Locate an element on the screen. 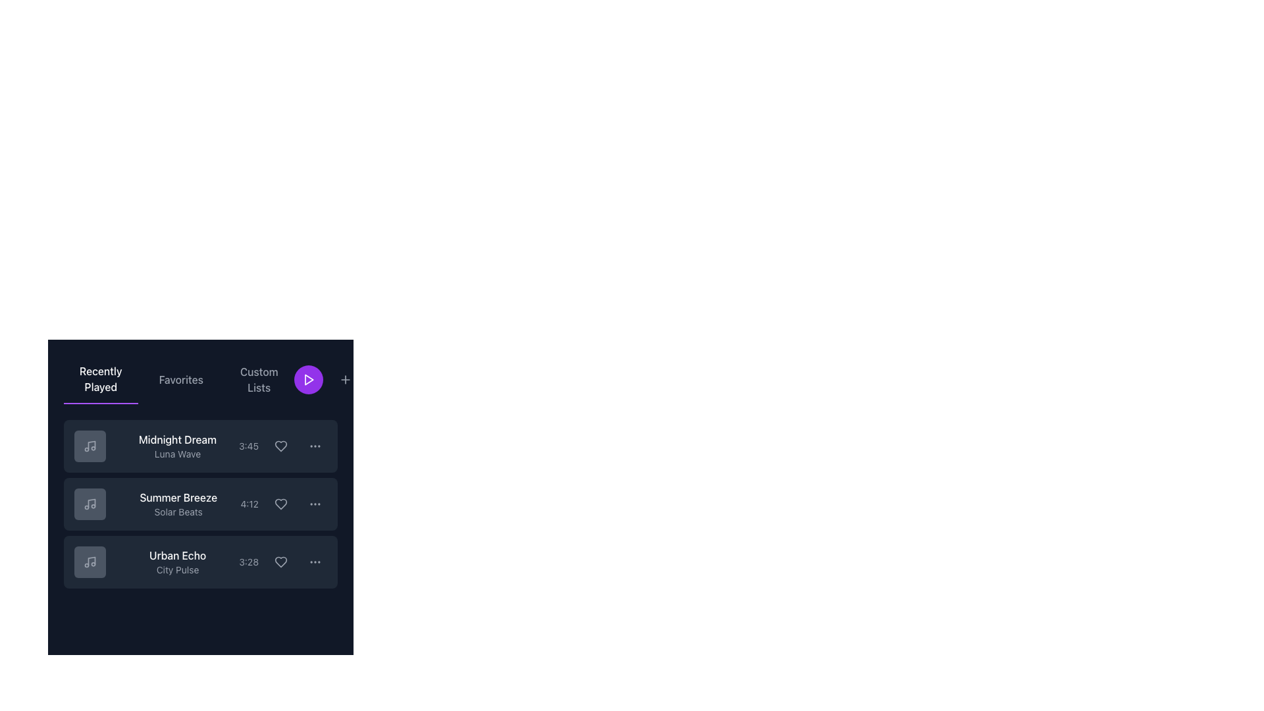 The height and width of the screenshot is (711, 1264). the third and last Content card in the 'Recently Played' section that displays media information including song name, subtitle, and duration is located at coordinates (200, 562).